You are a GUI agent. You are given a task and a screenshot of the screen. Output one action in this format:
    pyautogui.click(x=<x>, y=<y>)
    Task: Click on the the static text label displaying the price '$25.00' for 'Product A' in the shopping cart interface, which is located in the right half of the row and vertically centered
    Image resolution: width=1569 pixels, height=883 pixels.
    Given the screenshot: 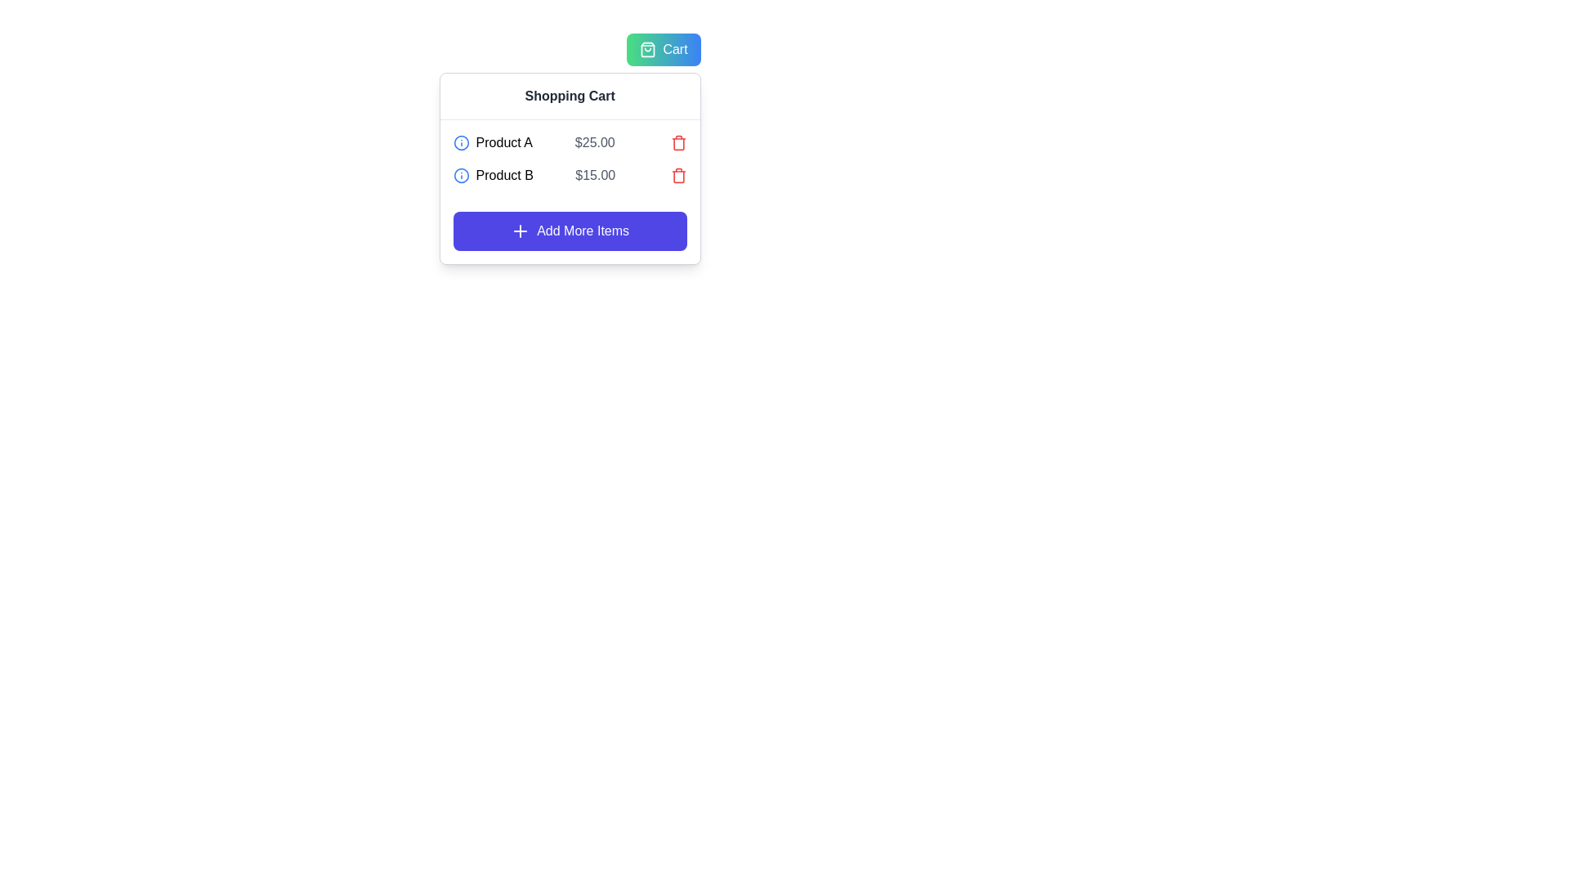 What is the action you would take?
    pyautogui.click(x=594, y=141)
    